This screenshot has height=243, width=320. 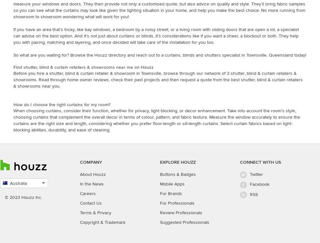 I want to click on 'Copyright & Trademark', so click(x=102, y=222).